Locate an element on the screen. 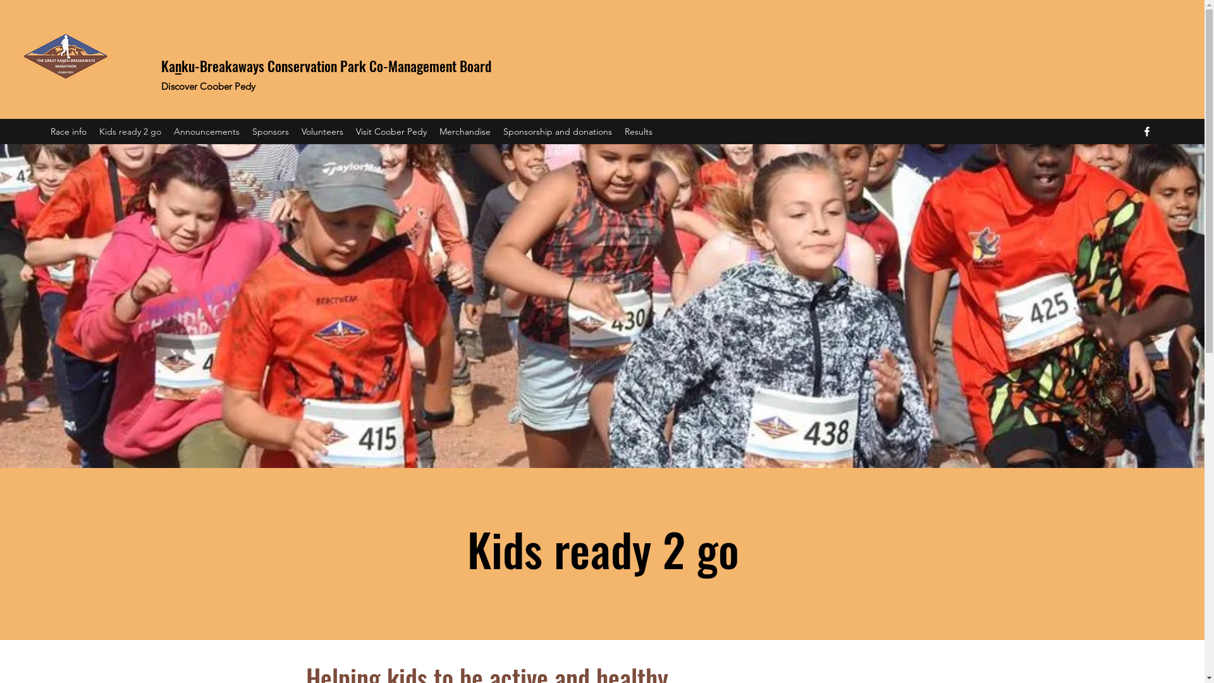 This screenshot has height=683, width=1214. 'Sponsorship and donations' is located at coordinates (557, 132).